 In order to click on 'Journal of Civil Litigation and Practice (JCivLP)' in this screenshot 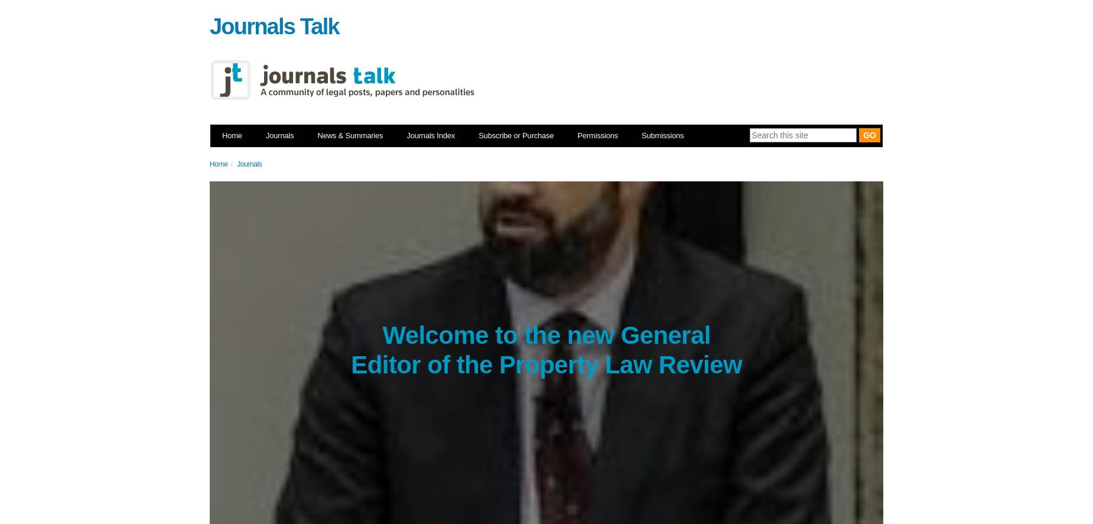, I will do `click(432, 496)`.